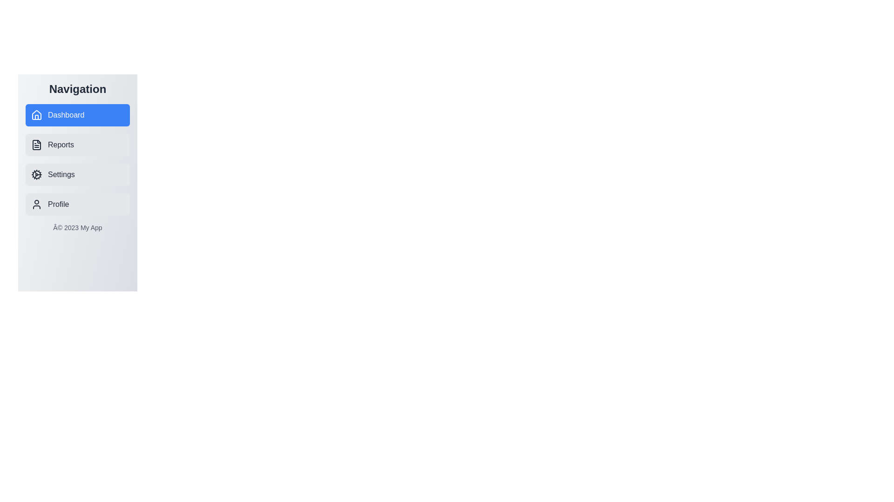 This screenshot has width=894, height=502. Describe the element at coordinates (66, 114) in the screenshot. I see `the 'Dashboard' text label located in the left-hand sidebar navigation menu, which serves as a label for the navigation action` at that location.